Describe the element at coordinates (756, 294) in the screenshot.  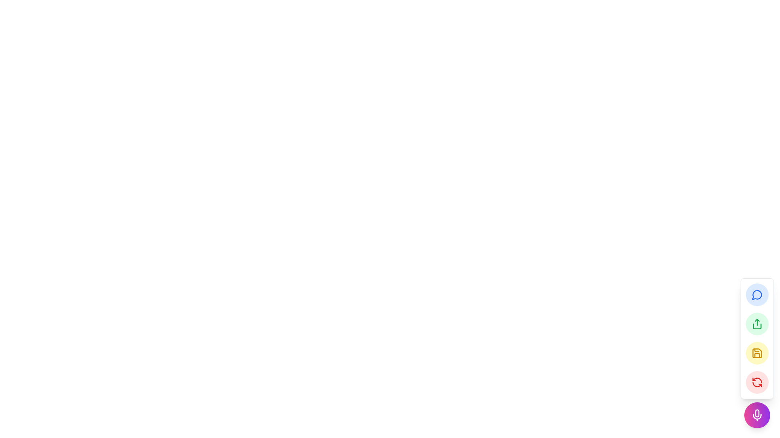
I see `the topmost circular icon button with a speech bubble outline in blue, located in the vertical menu bar on the right side` at that location.